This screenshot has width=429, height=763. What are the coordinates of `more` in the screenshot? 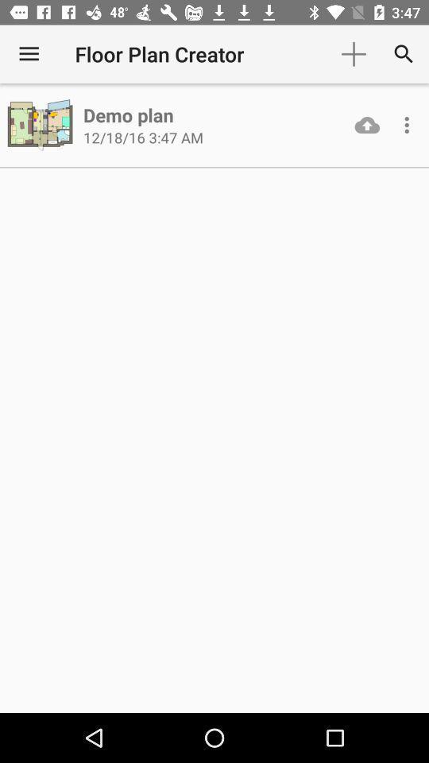 It's located at (407, 124).